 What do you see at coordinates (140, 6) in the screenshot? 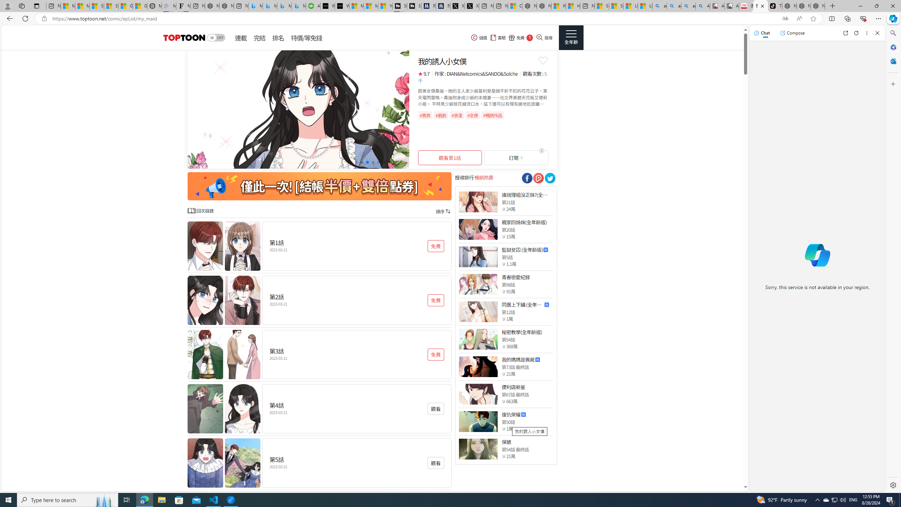
I see `'Gilma and Hector both pose tropical trouble for Hawaii'` at bounding box center [140, 6].